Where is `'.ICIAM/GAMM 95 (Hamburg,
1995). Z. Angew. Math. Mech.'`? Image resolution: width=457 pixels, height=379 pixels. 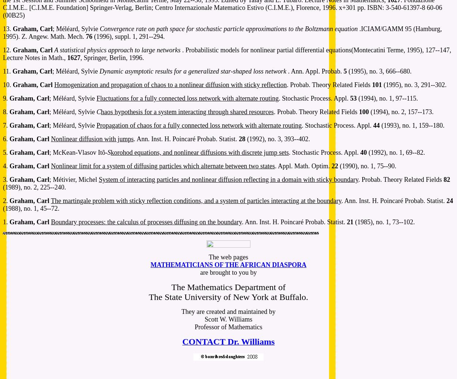 '.ICIAM/GAMM 95 (Hamburg,
1995). Z. Angew. Math. Mech.' is located at coordinates (222, 33).